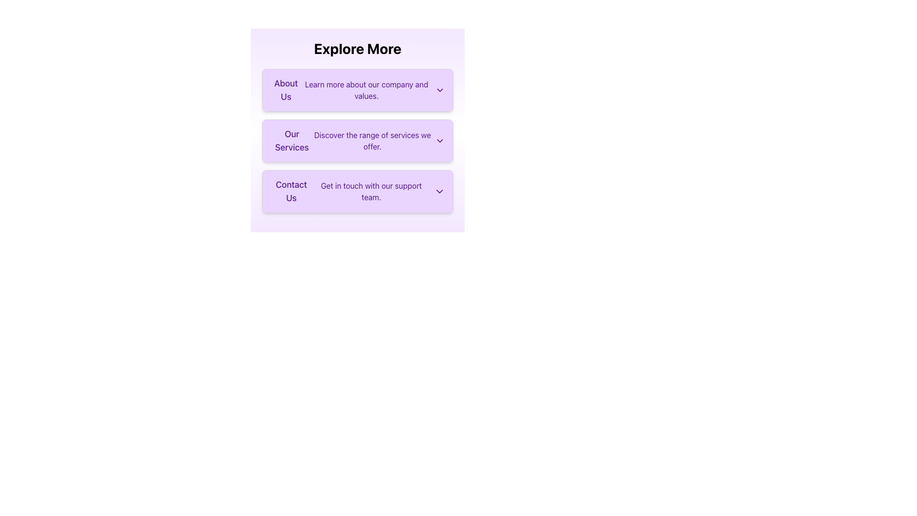 The width and height of the screenshot is (917, 516). I want to click on the Icon button located at the far right within the 'Contact Us' section, so click(439, 192).